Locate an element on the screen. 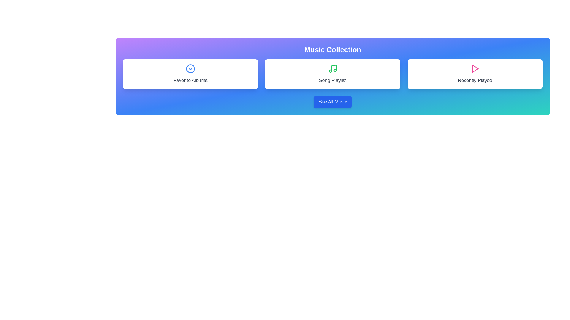  the informational and navigational card representing favorite albums, which is the leftmost card in a row of three cards is located at coordinates (190, 74).